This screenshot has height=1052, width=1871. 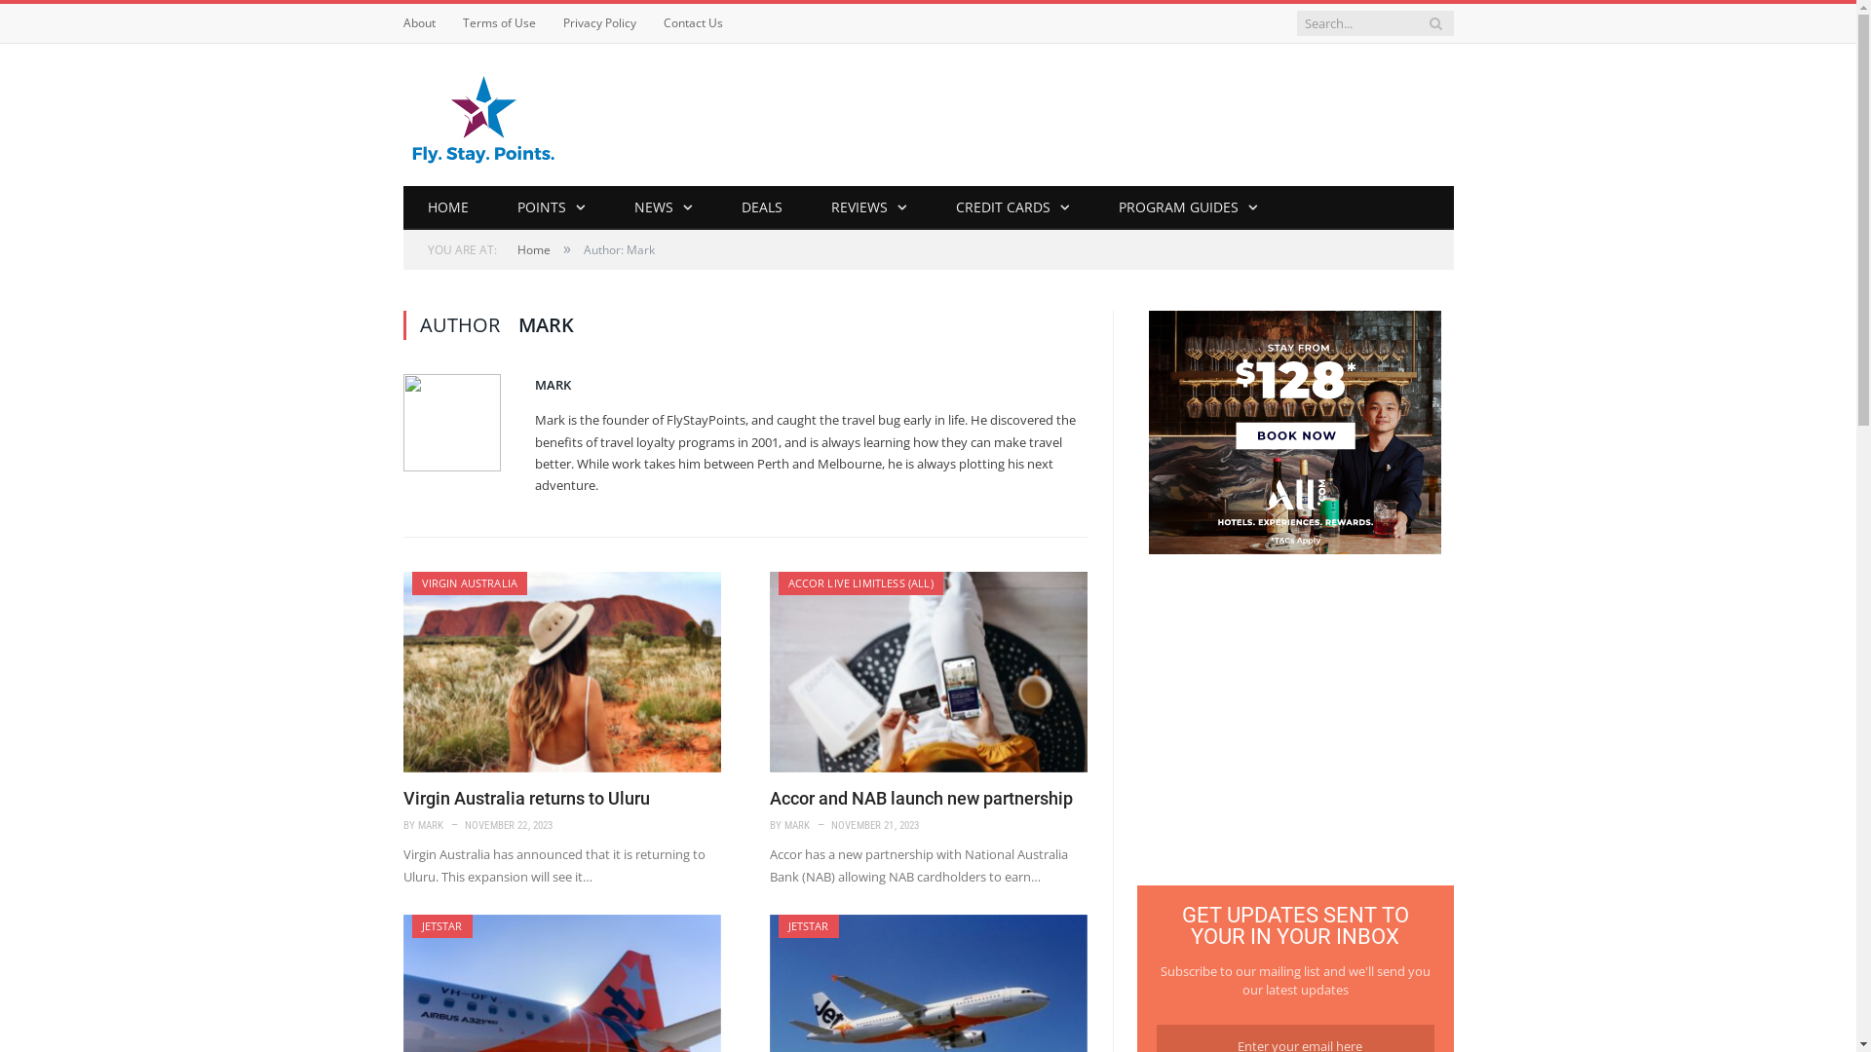 I want to click on 'Home', so click(x=533, y=248).